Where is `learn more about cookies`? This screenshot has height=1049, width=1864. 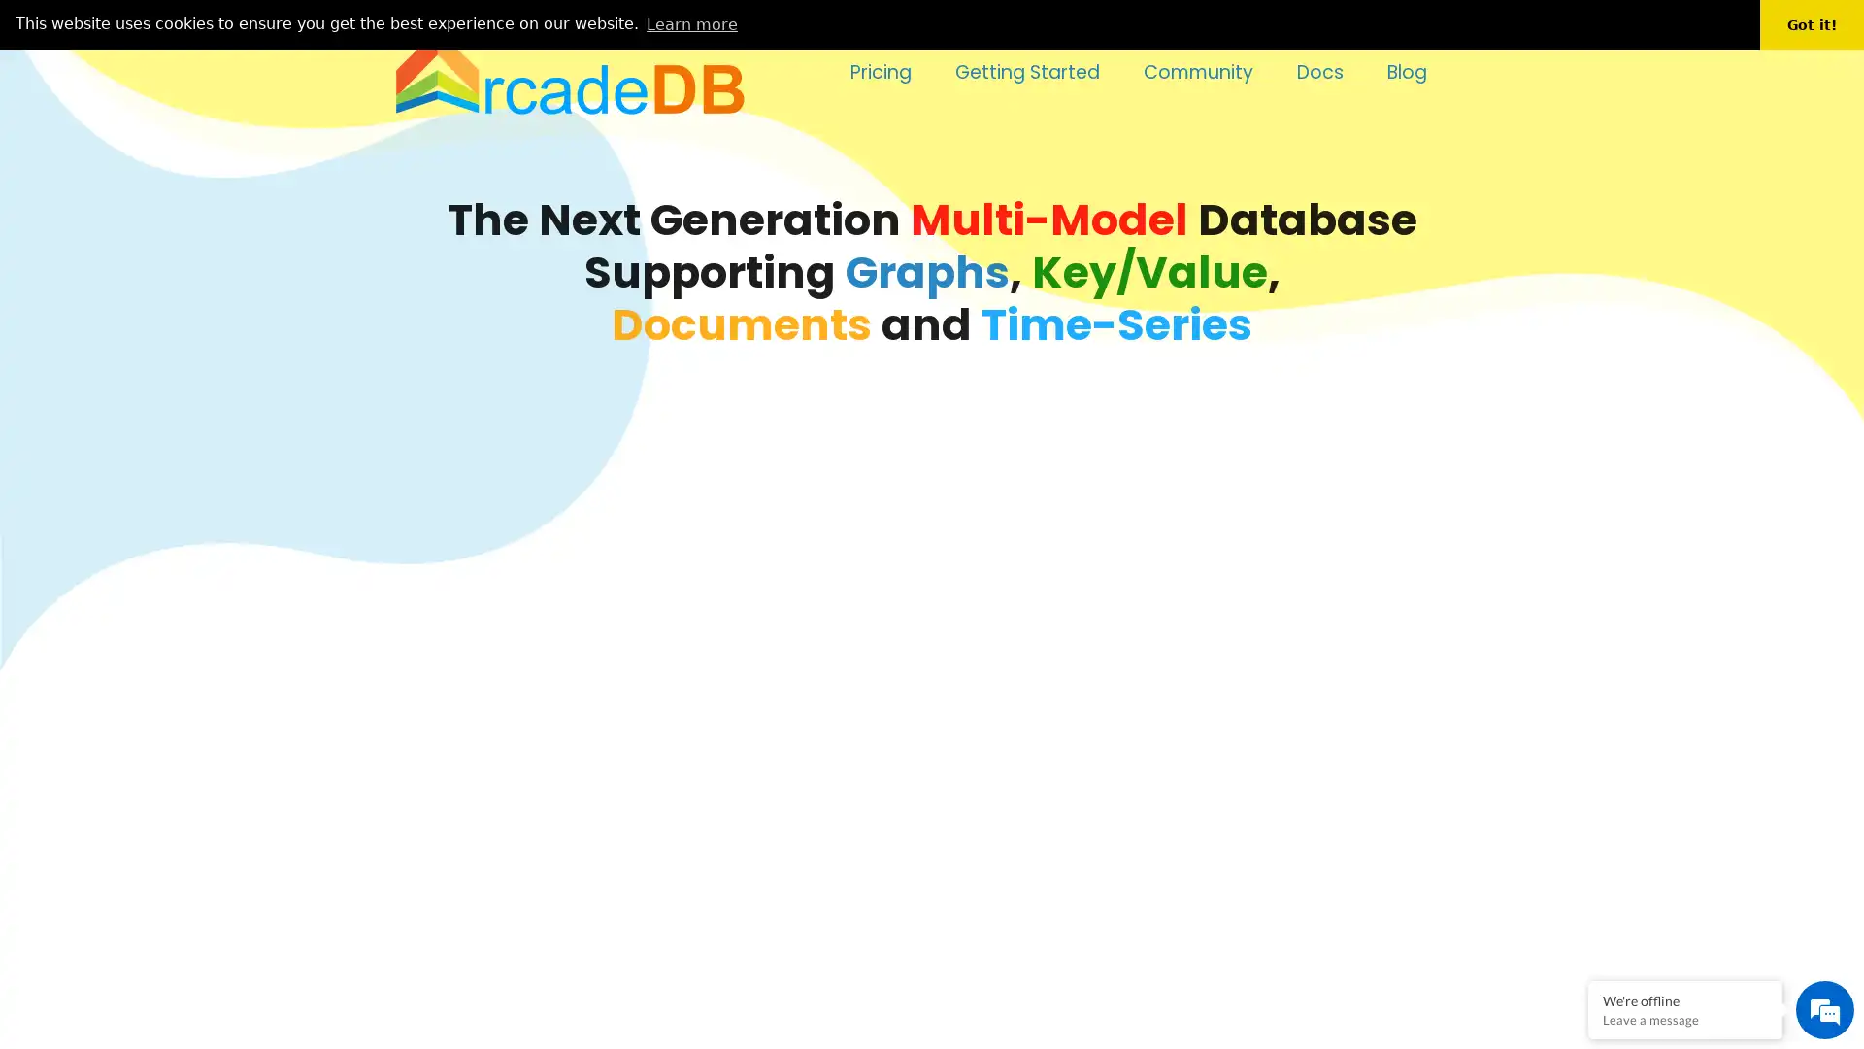 learn more about cookies is located at coordinates (692, 23).